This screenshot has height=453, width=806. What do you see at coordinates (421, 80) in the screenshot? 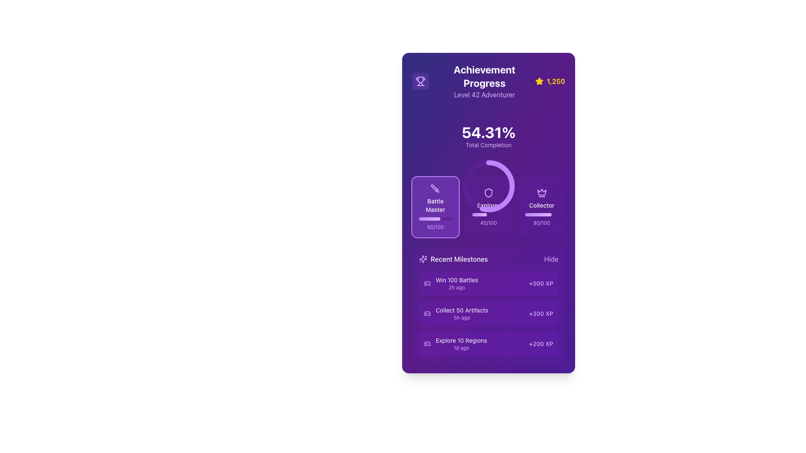
I see `the purple trophy icon located in the top left header section, next to the 'Achievement Progress' label` at bounding box center [421, 80].